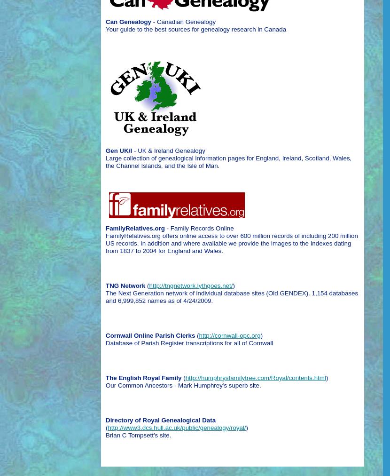 This screenshot has width=390, height=476. What do you see at coordinates (135, 228) in the screenshot?
I see `'FamilyRelatives.org'` at bounding box center [135, 228].